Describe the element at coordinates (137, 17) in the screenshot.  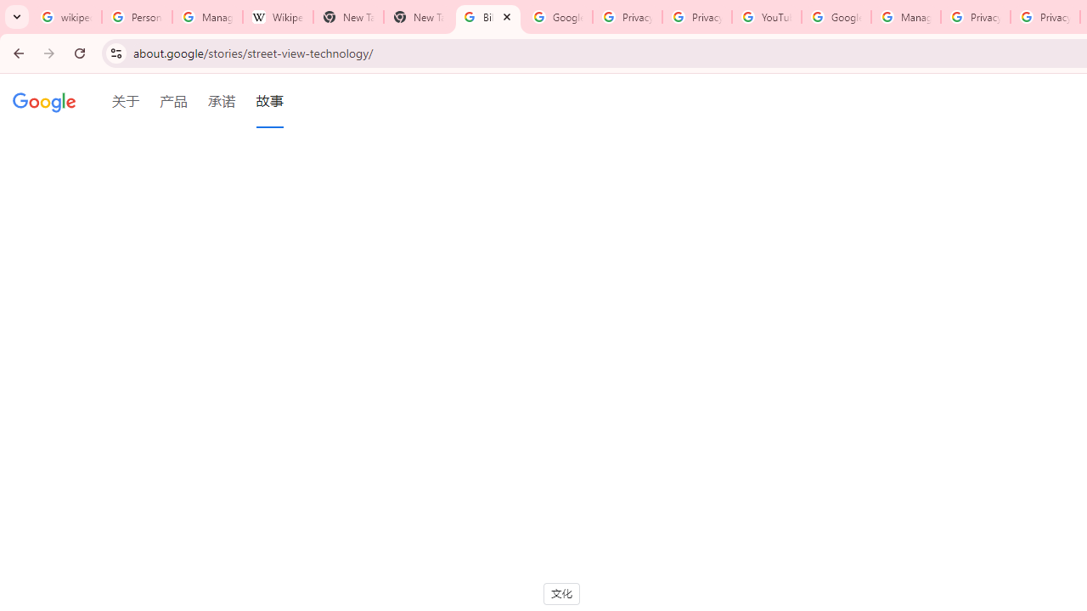
I see `'Personalization & Google Search results - Google Search Help'` at that location.